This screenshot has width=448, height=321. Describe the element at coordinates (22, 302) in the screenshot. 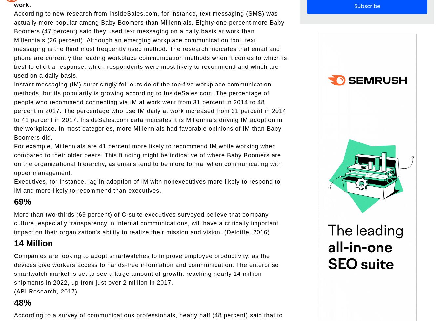

I see `'48%'` at that location.